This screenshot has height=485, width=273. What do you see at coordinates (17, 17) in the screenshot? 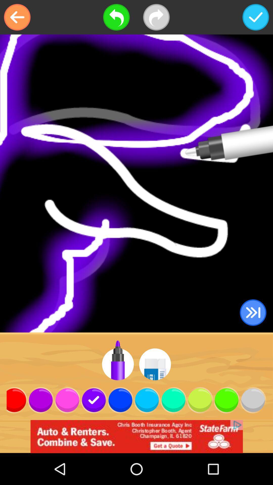
I see `previous` at bounding box center [17, 17].